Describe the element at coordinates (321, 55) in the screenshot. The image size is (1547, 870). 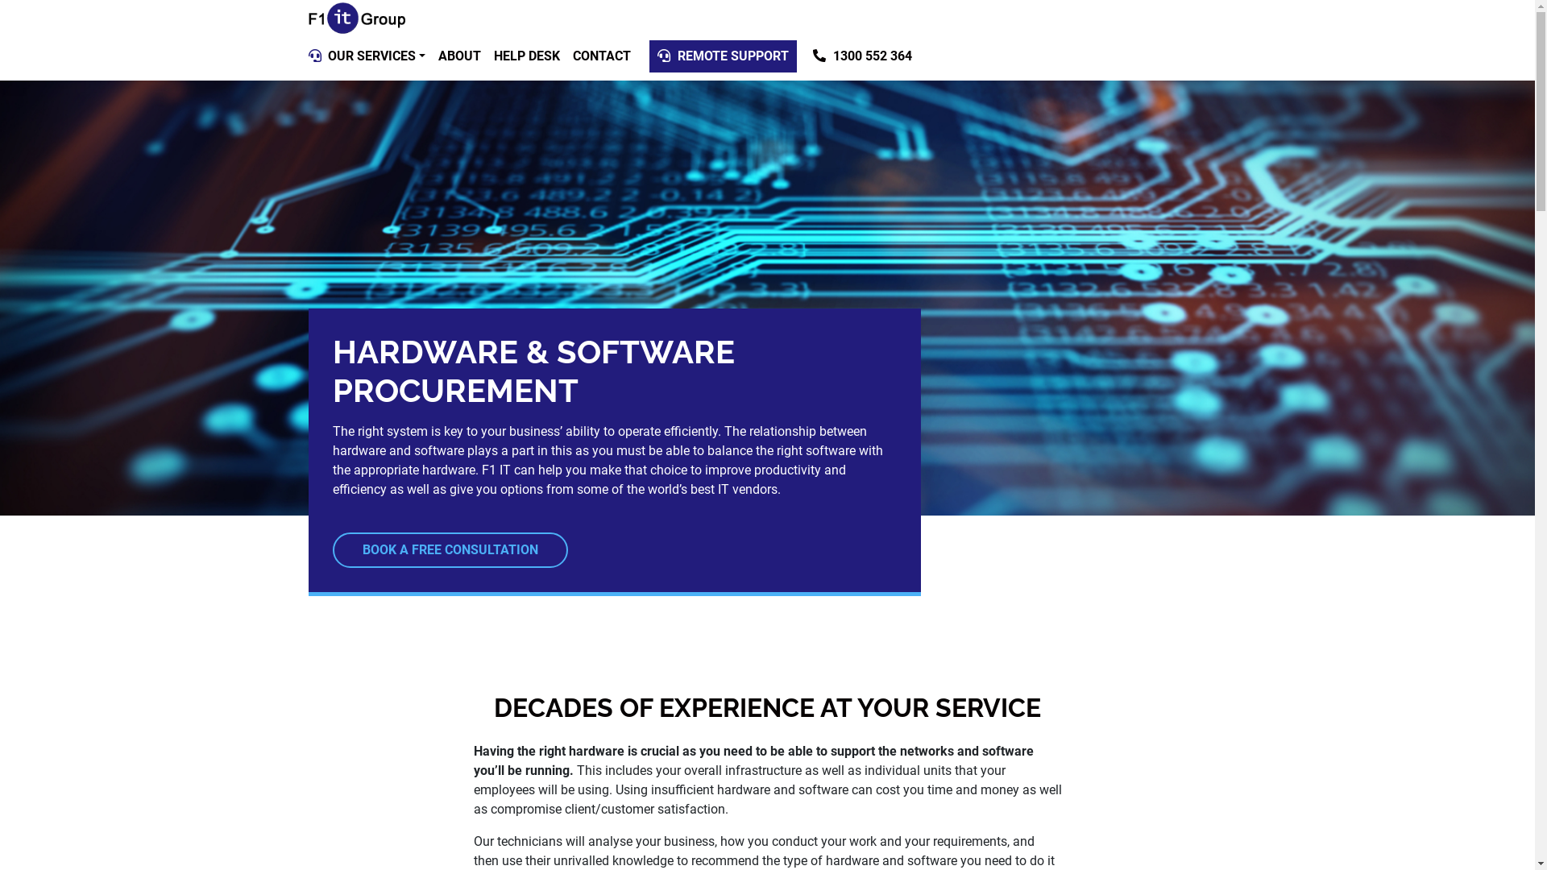
I see `'OUR SERVICES'` at that location.